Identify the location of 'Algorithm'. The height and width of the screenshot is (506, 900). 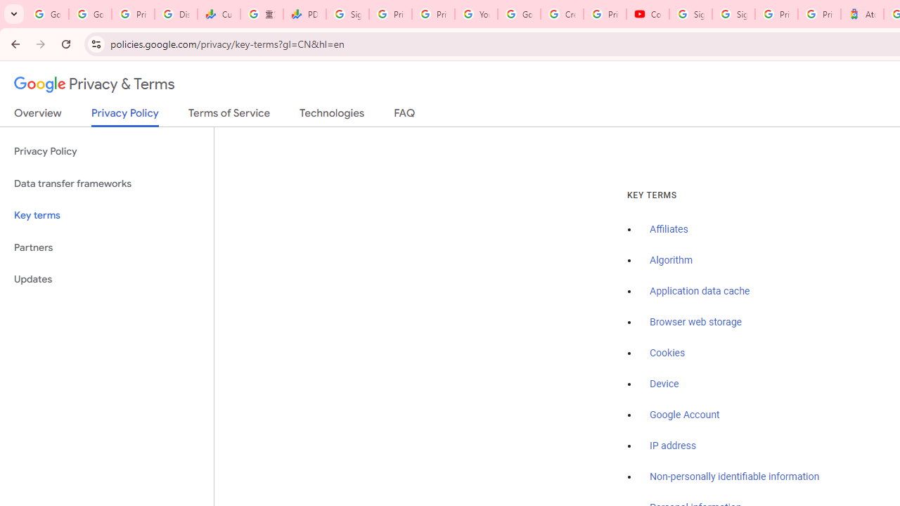
(670, 261).